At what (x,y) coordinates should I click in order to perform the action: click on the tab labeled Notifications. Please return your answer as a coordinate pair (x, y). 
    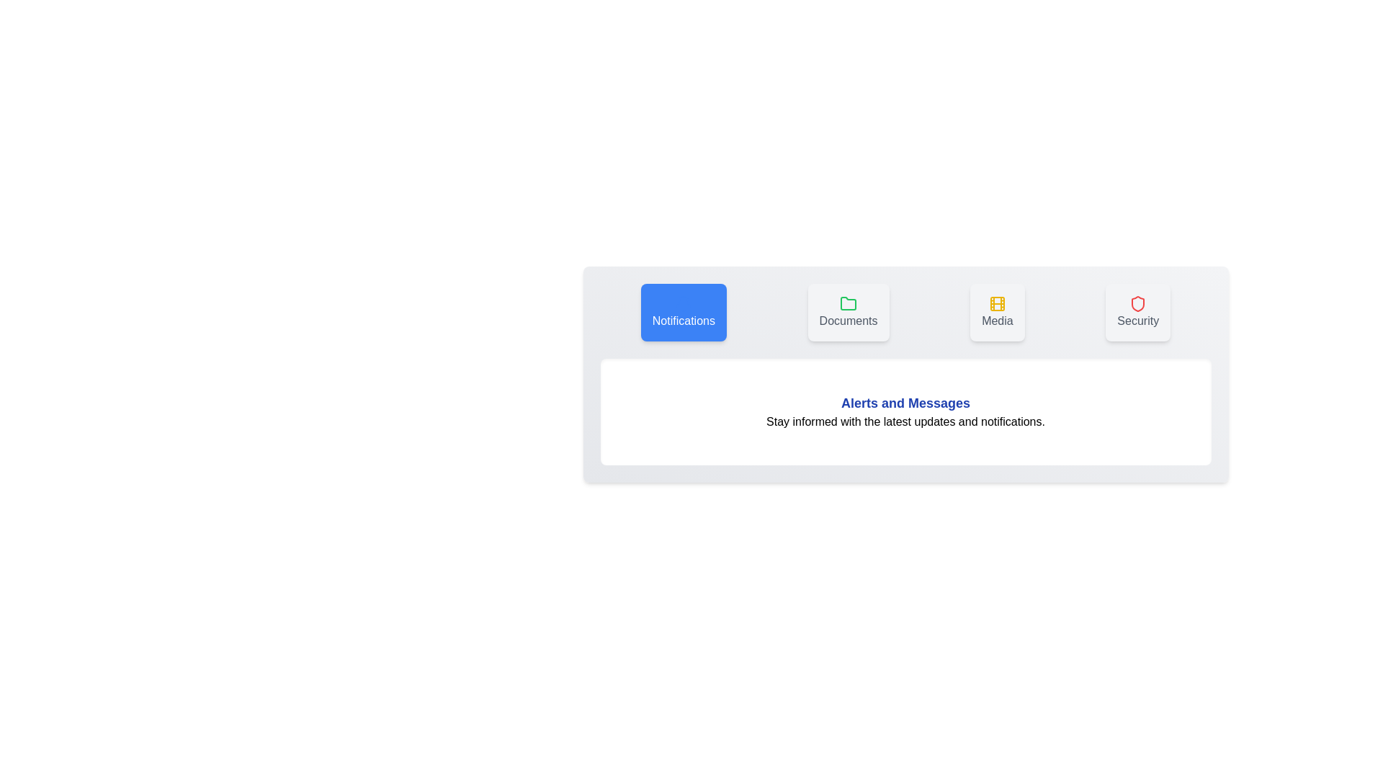
    Looking at the image, I should click on (683, 312).